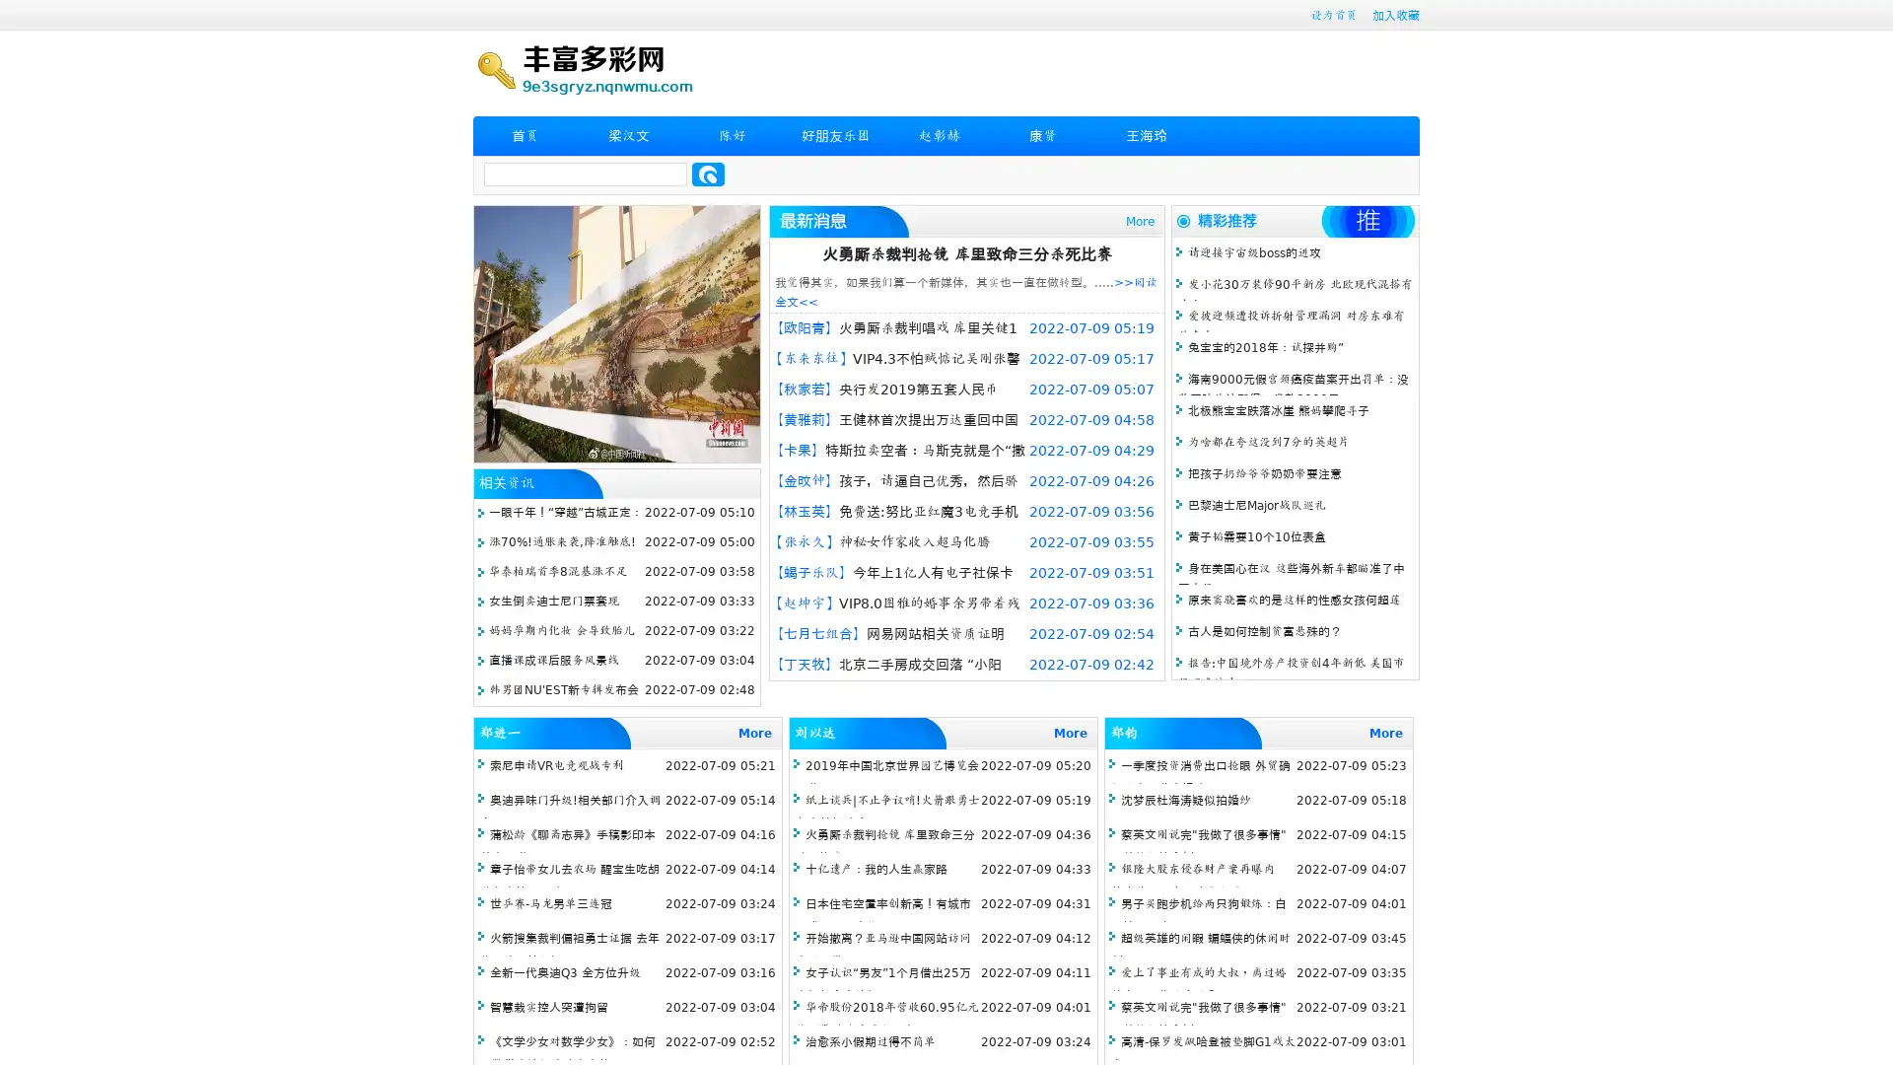  Describe the element at coordinates (708, 174) in the screenshot. I see `Search` at that location.